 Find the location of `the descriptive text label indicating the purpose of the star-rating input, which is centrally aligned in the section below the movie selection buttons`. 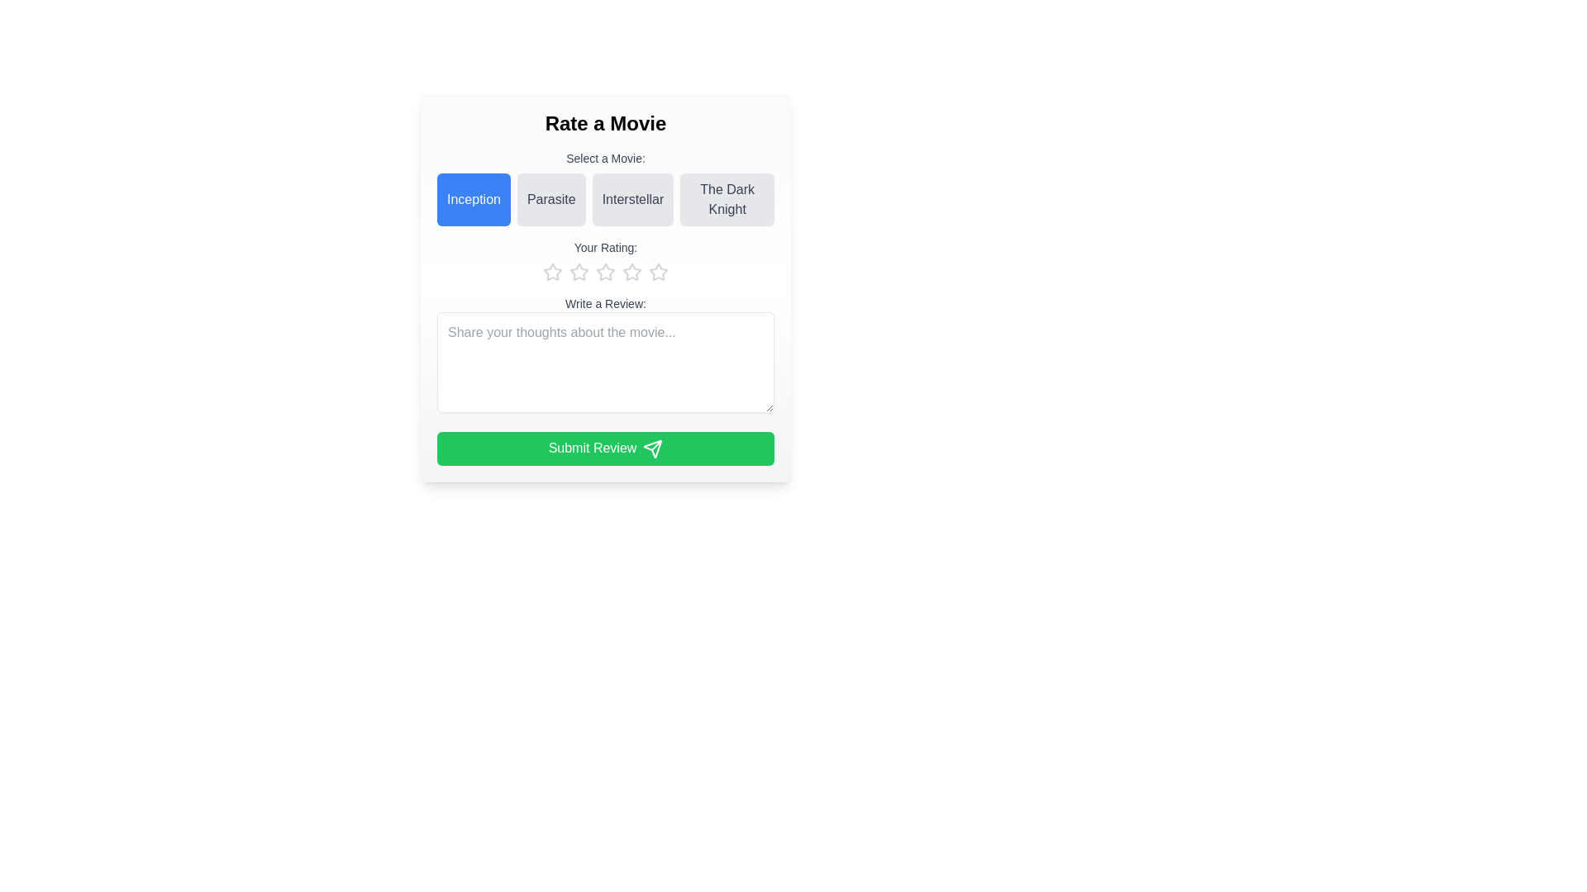

the descriptive text label indicating the purpose of the star-rating input, which is centrally aligned in the section below the movie selection buttons is located at coordinates (605, 248).